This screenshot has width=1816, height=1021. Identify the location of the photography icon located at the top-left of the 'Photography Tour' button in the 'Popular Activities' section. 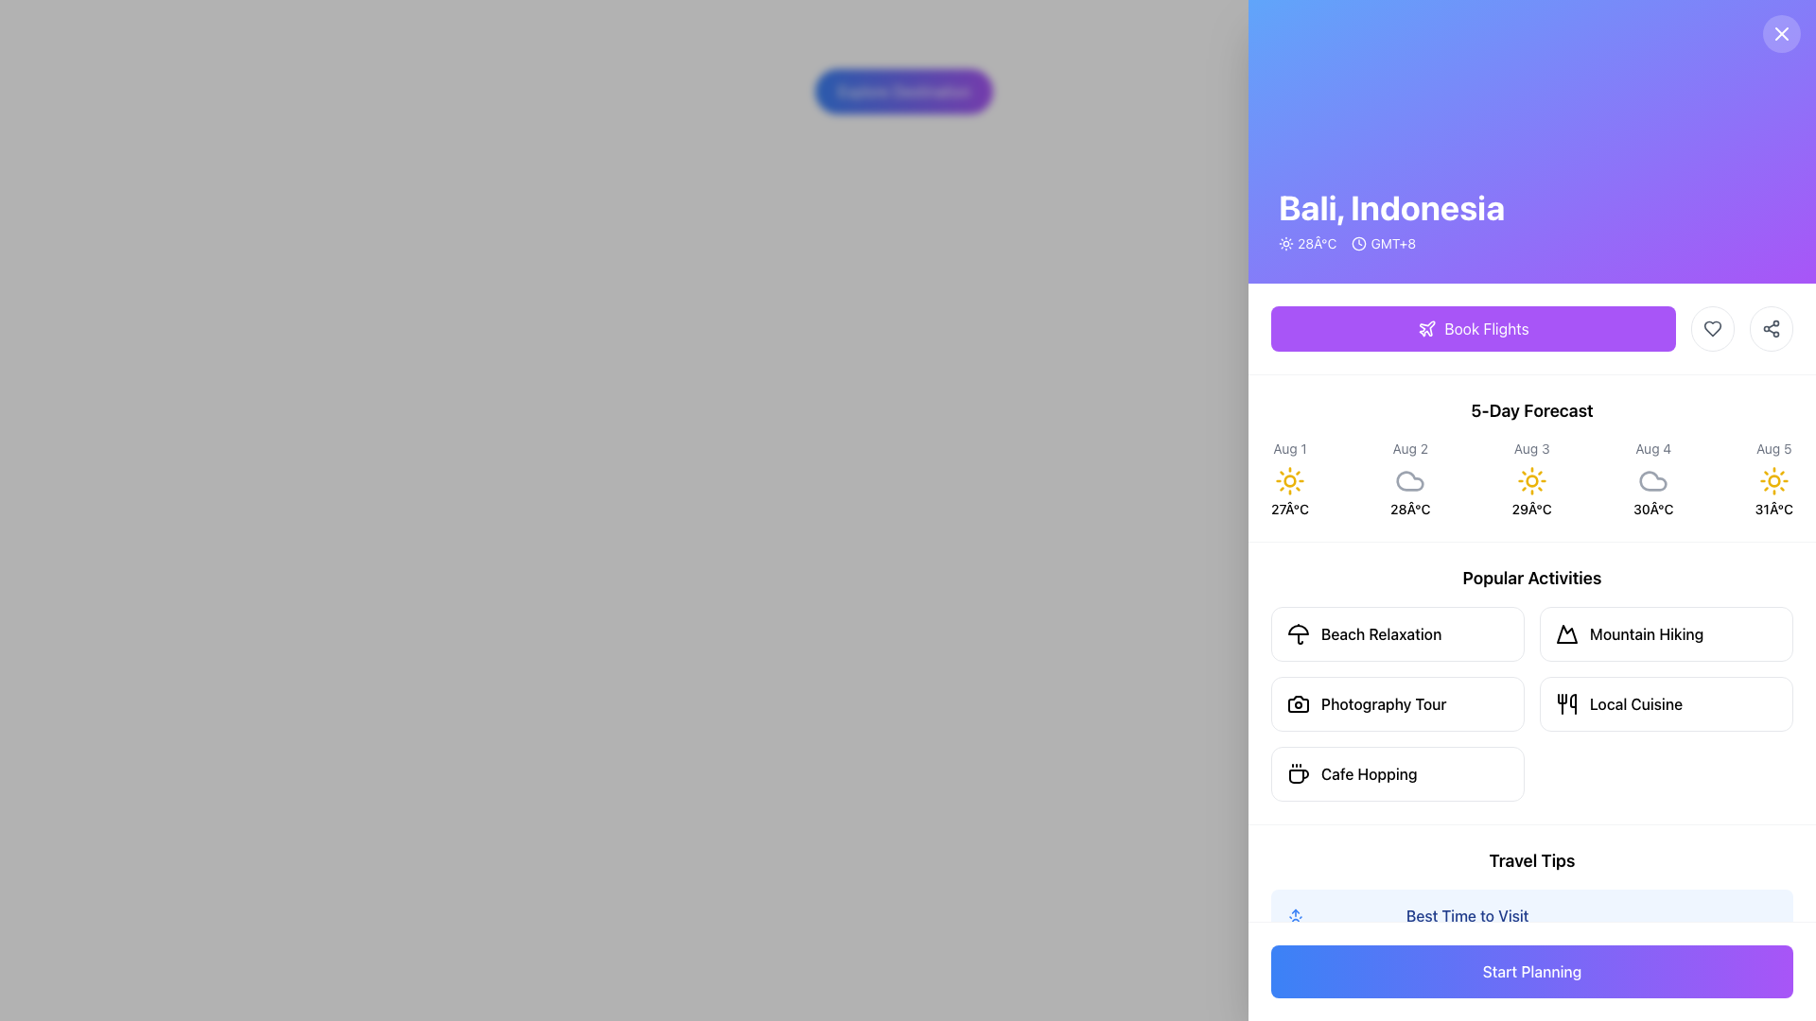
(1297, 703).